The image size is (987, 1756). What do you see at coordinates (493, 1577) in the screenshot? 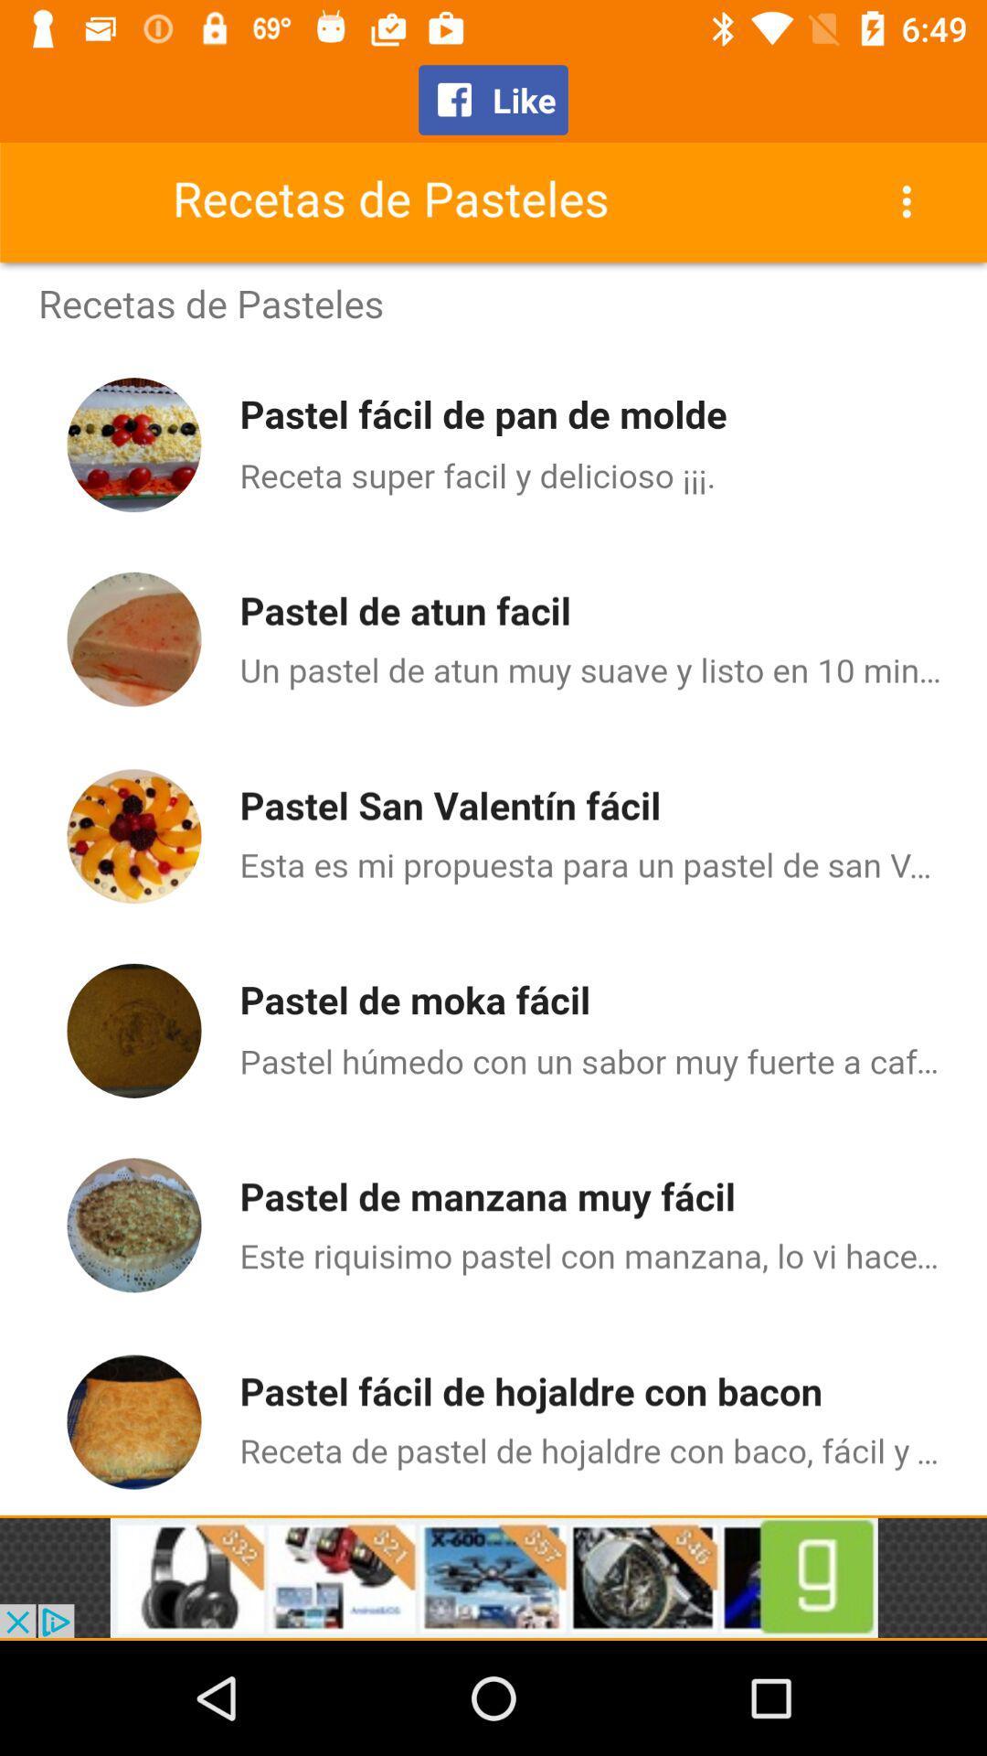
I see `advertisement` at bounding box center [493, 1577].